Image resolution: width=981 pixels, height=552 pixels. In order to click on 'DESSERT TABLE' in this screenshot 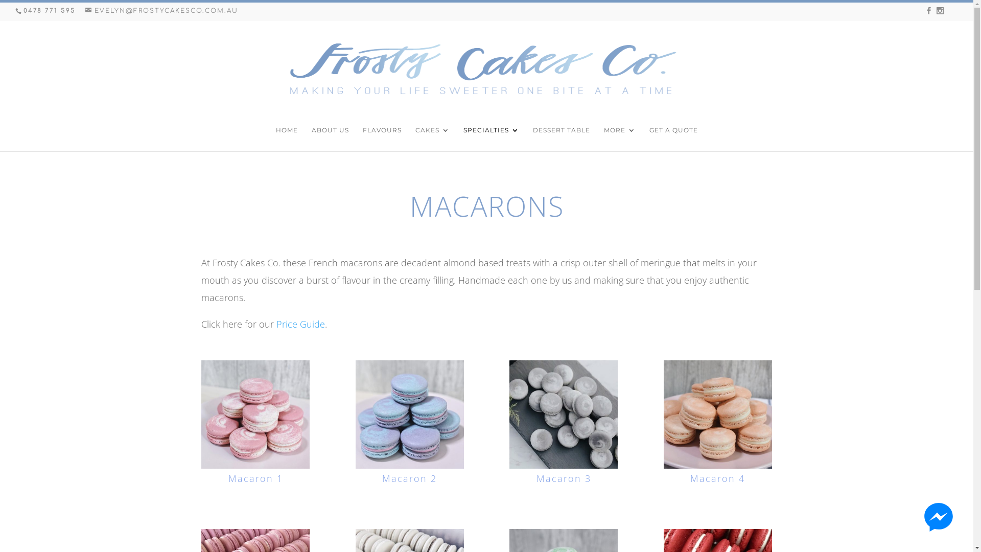, I will do `click(560, 139)`.